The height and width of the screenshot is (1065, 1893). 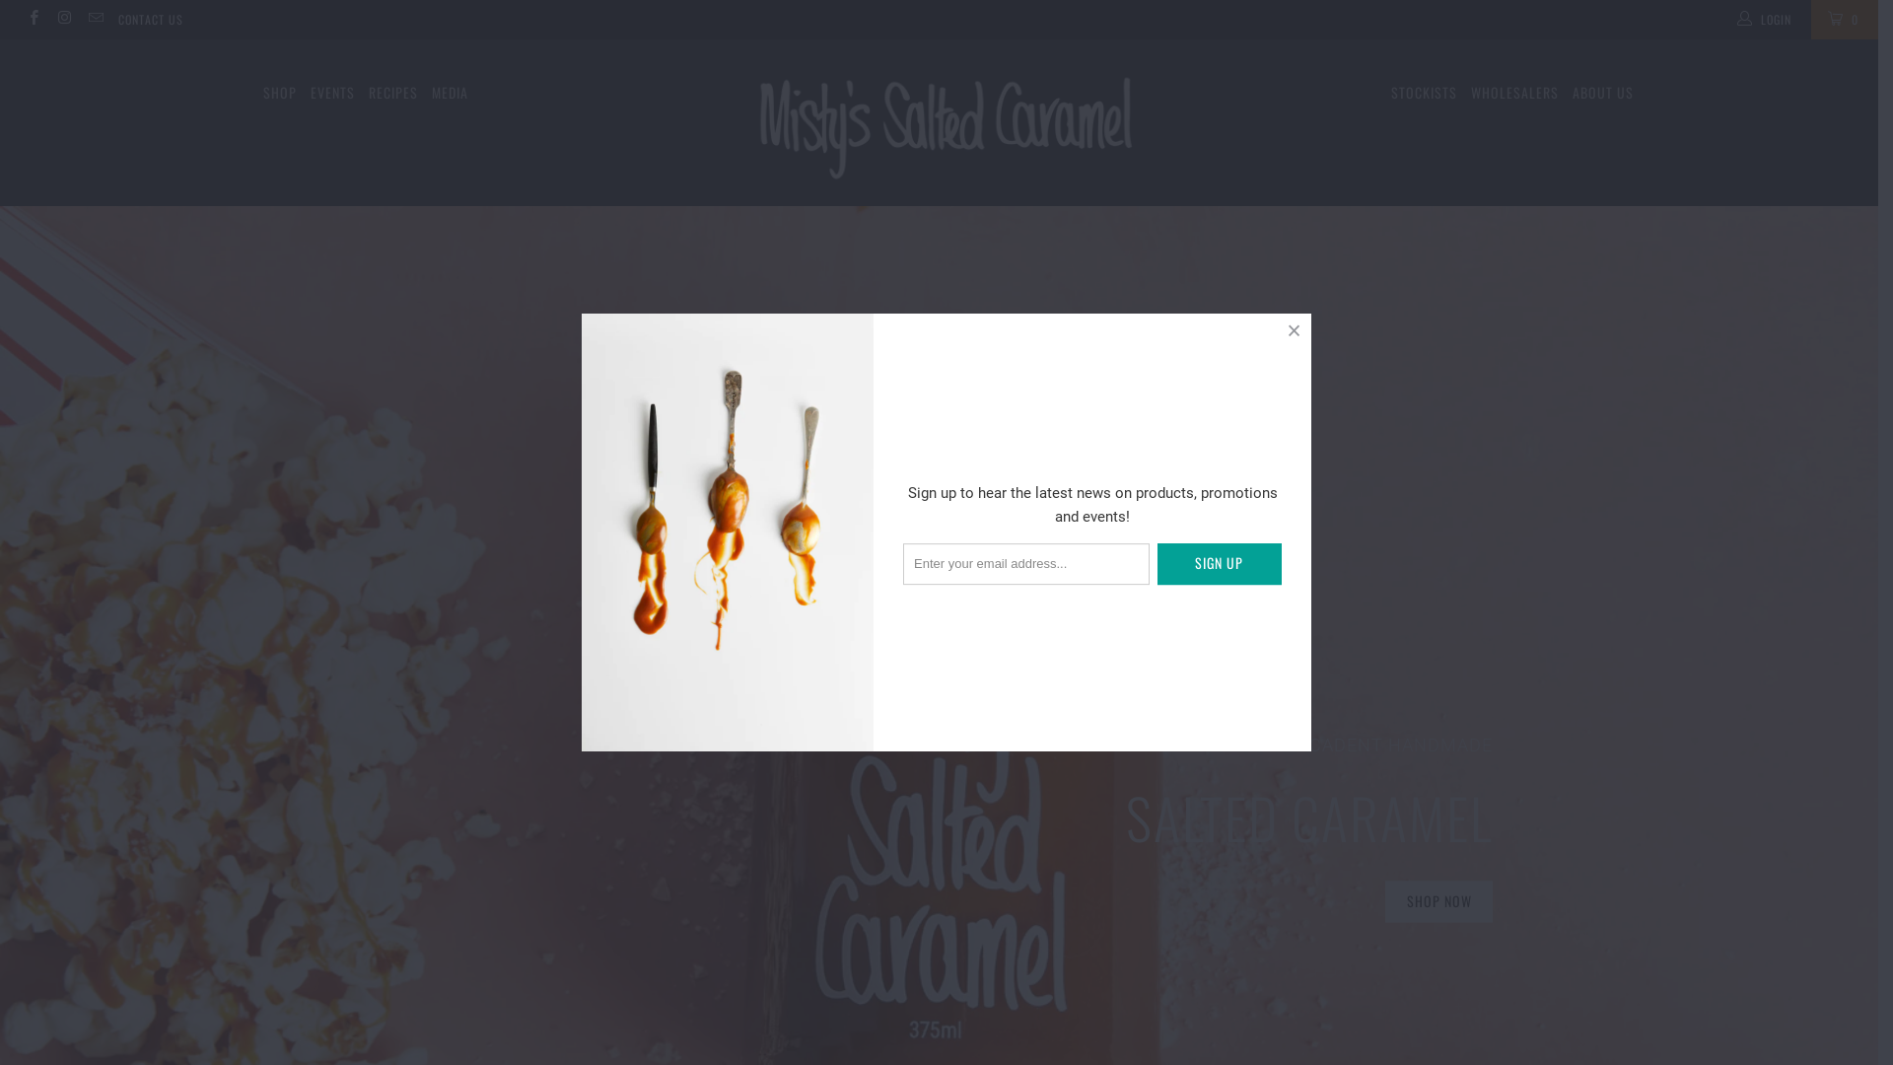 I want to click on 'Misty's Salted Caramel', so click(x=938, y=122).